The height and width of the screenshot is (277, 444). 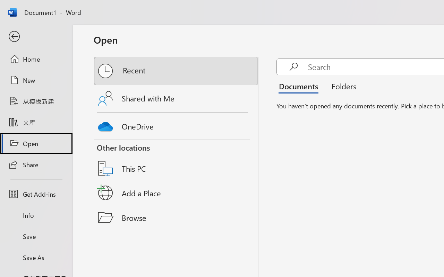 I want to click on 'Folders', so click(x=341, y=86).